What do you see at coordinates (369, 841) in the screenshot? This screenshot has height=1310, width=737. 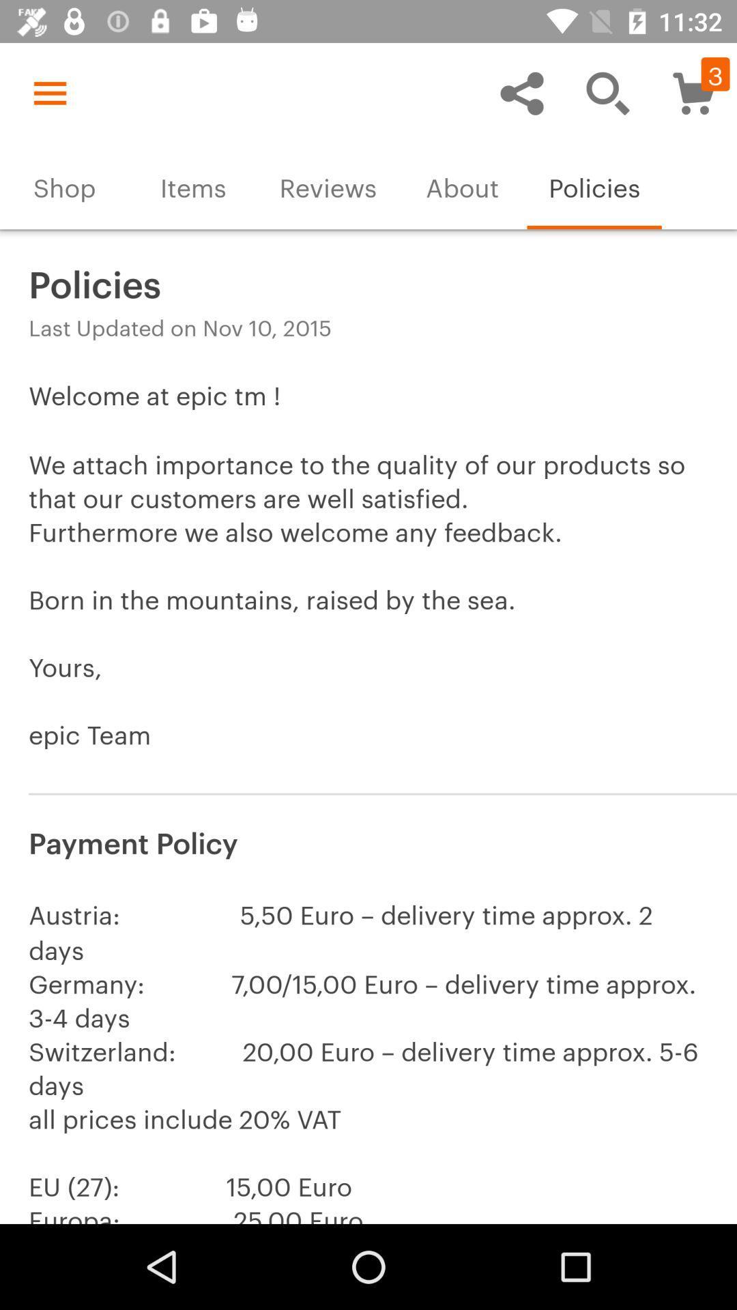 I see `the item below welcome at epic icon` at bounding box center [369, 841].